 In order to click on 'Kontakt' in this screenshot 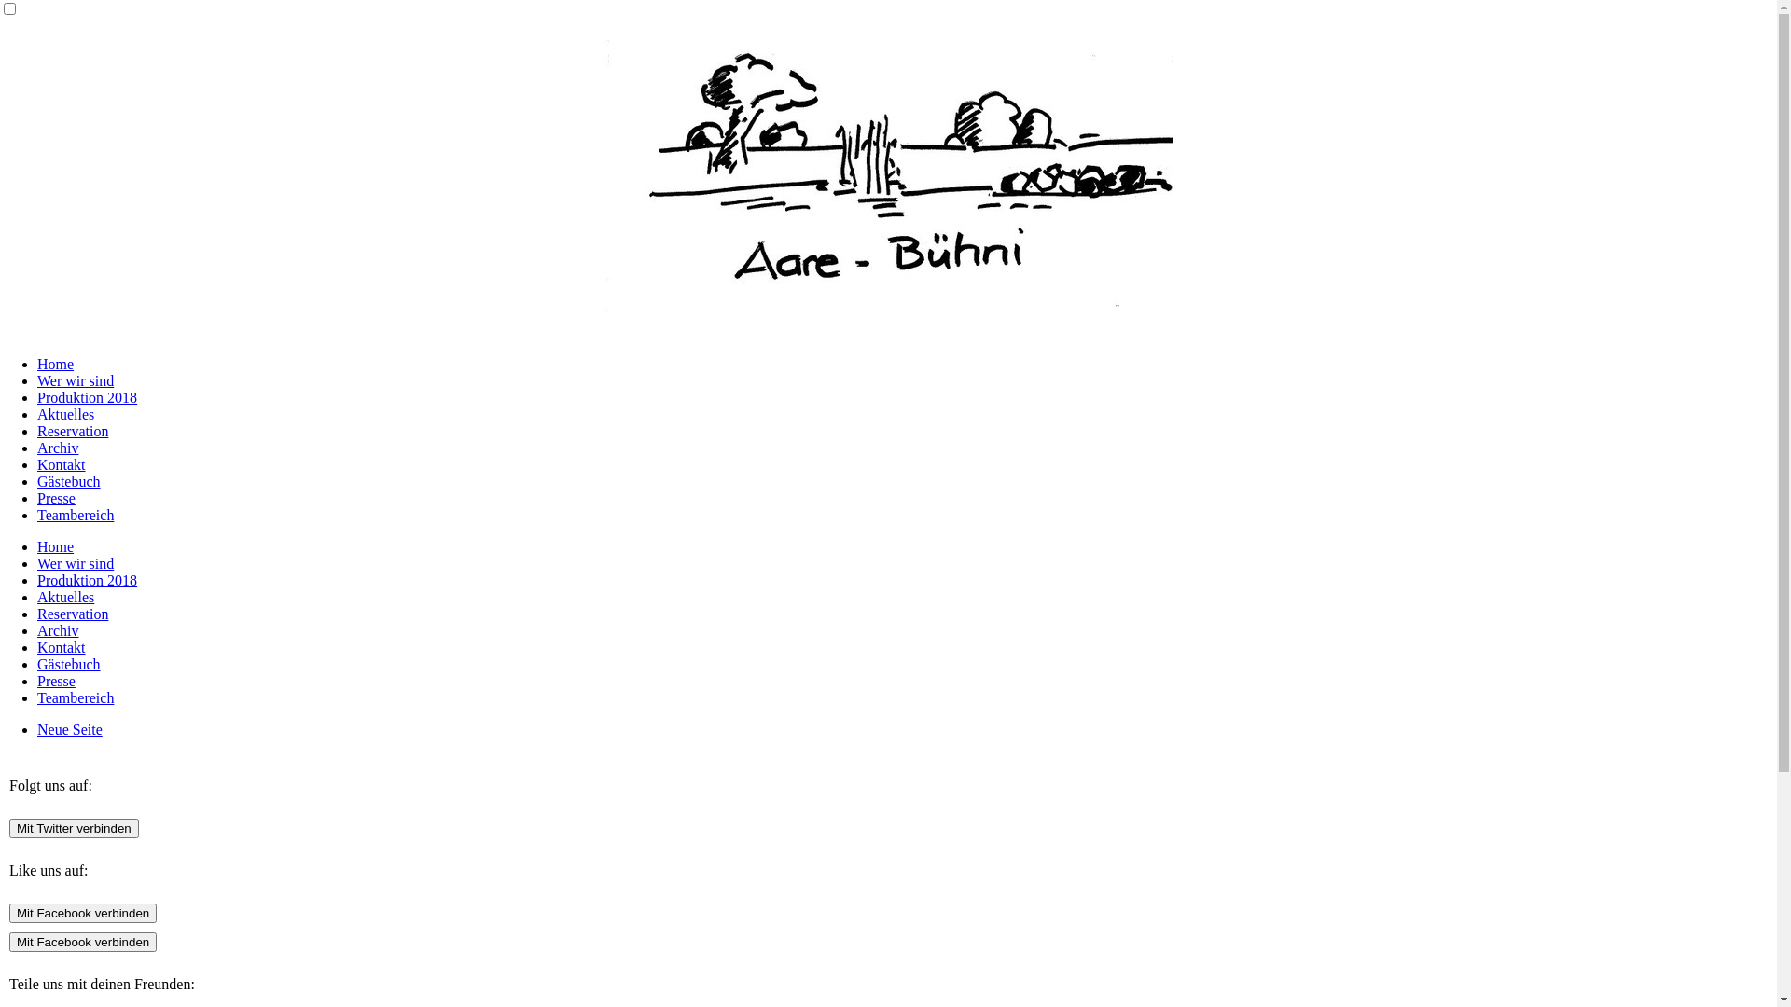, I will do `click(62, 463)`.